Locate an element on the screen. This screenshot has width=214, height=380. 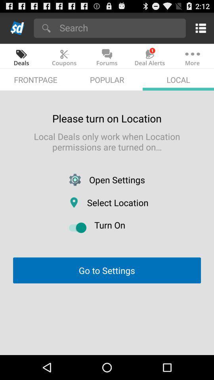
the popular icon is located at coordinates (107, 80).